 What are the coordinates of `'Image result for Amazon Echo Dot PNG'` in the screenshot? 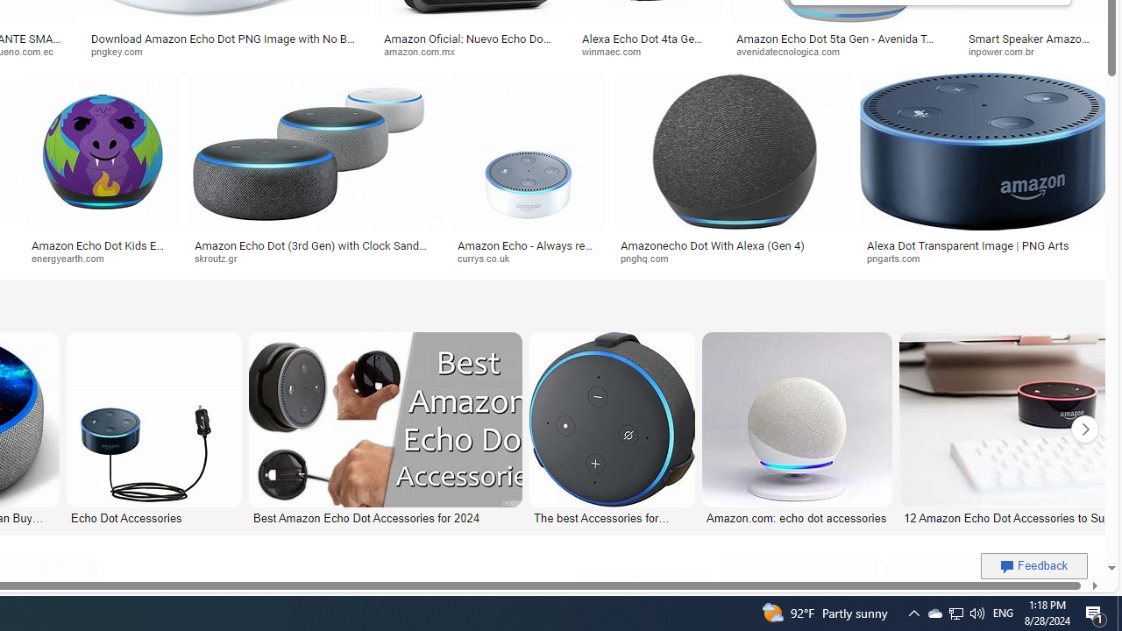 It's located at (984, 150).